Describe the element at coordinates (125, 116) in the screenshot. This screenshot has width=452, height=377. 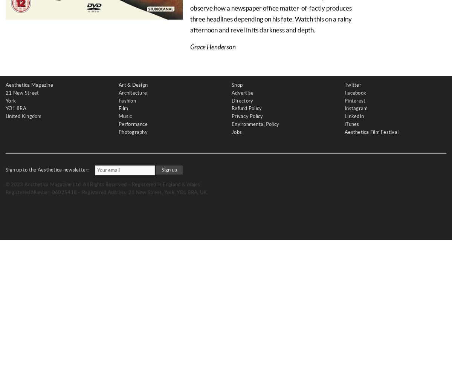
I see `'Music'` at that location.